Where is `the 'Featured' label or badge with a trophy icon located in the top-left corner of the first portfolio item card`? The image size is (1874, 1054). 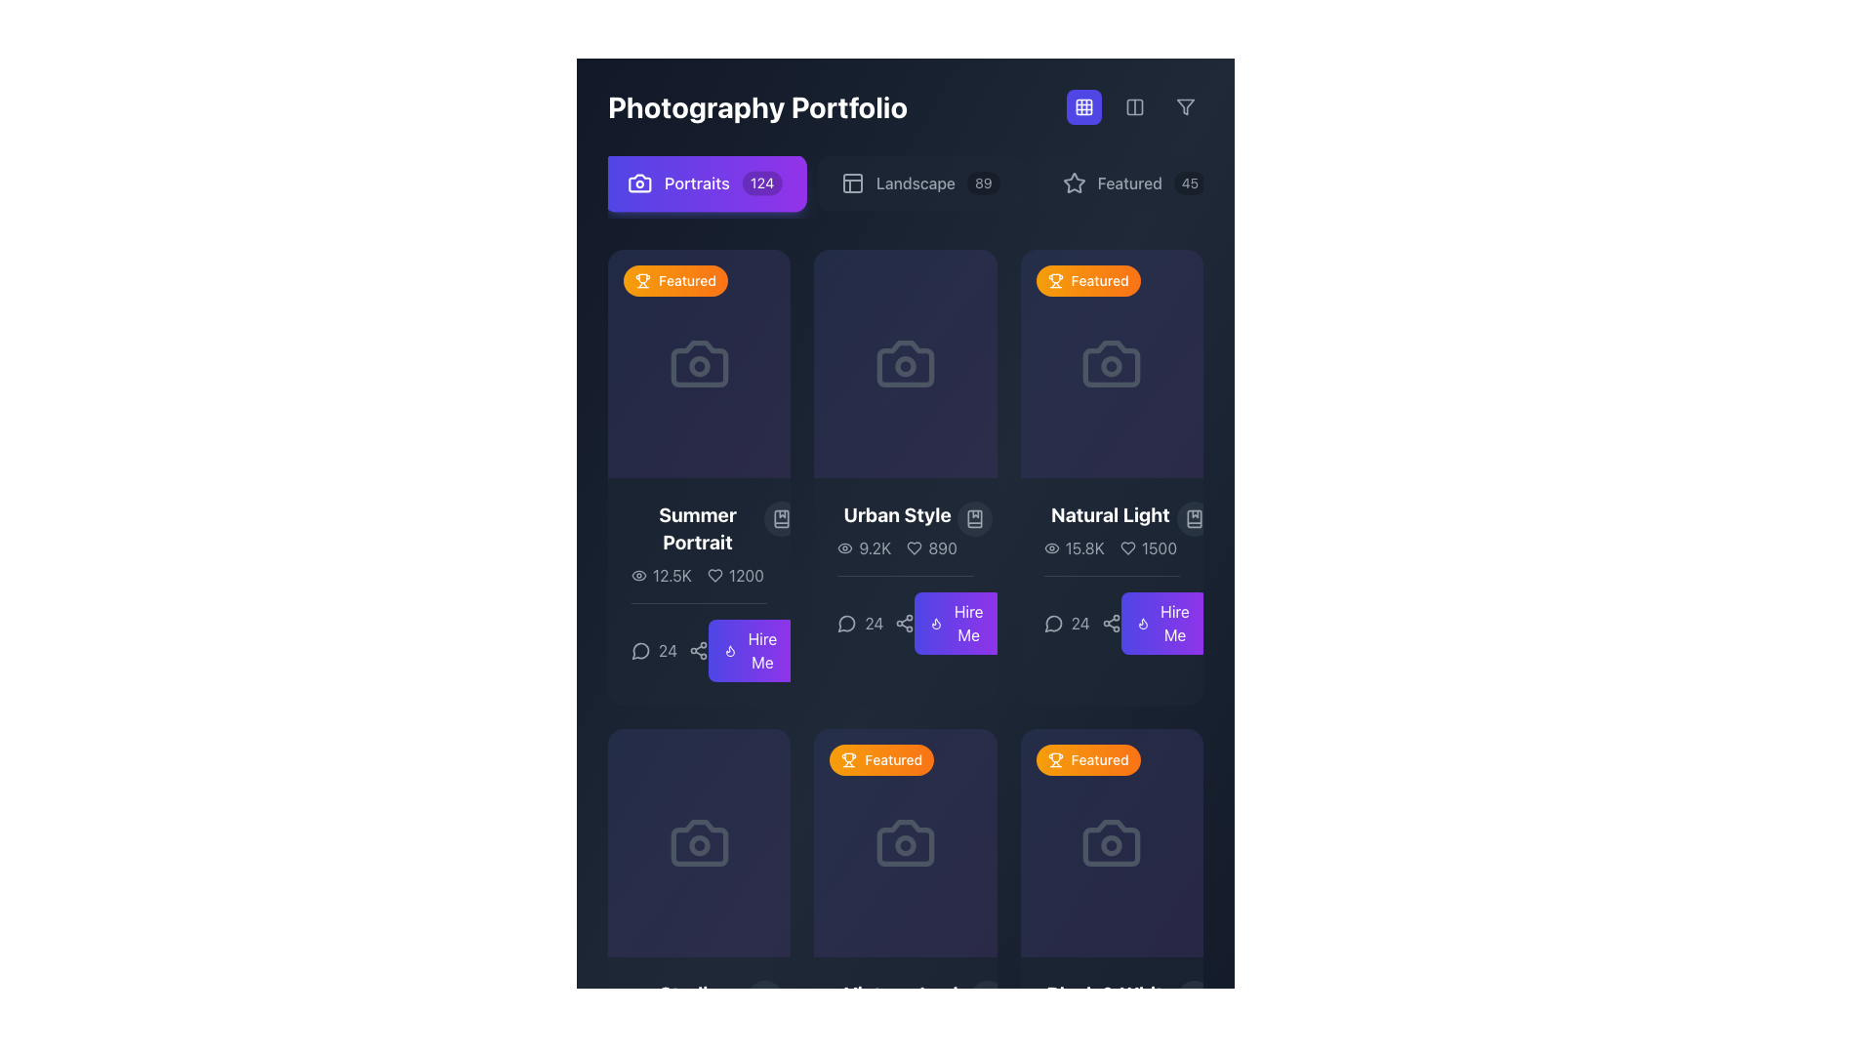
the 'Featured' label or badge with a trophy icon located in the top-left corner of the first portfolio item card is located at coordinates (687, 281).